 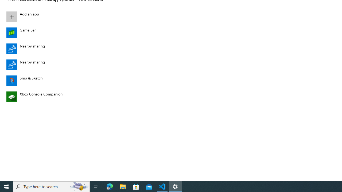 What do you see at coordinates (136, 186) in the screenshot?
I see `'Microsoft Store'` at bounding box center [136, 186].